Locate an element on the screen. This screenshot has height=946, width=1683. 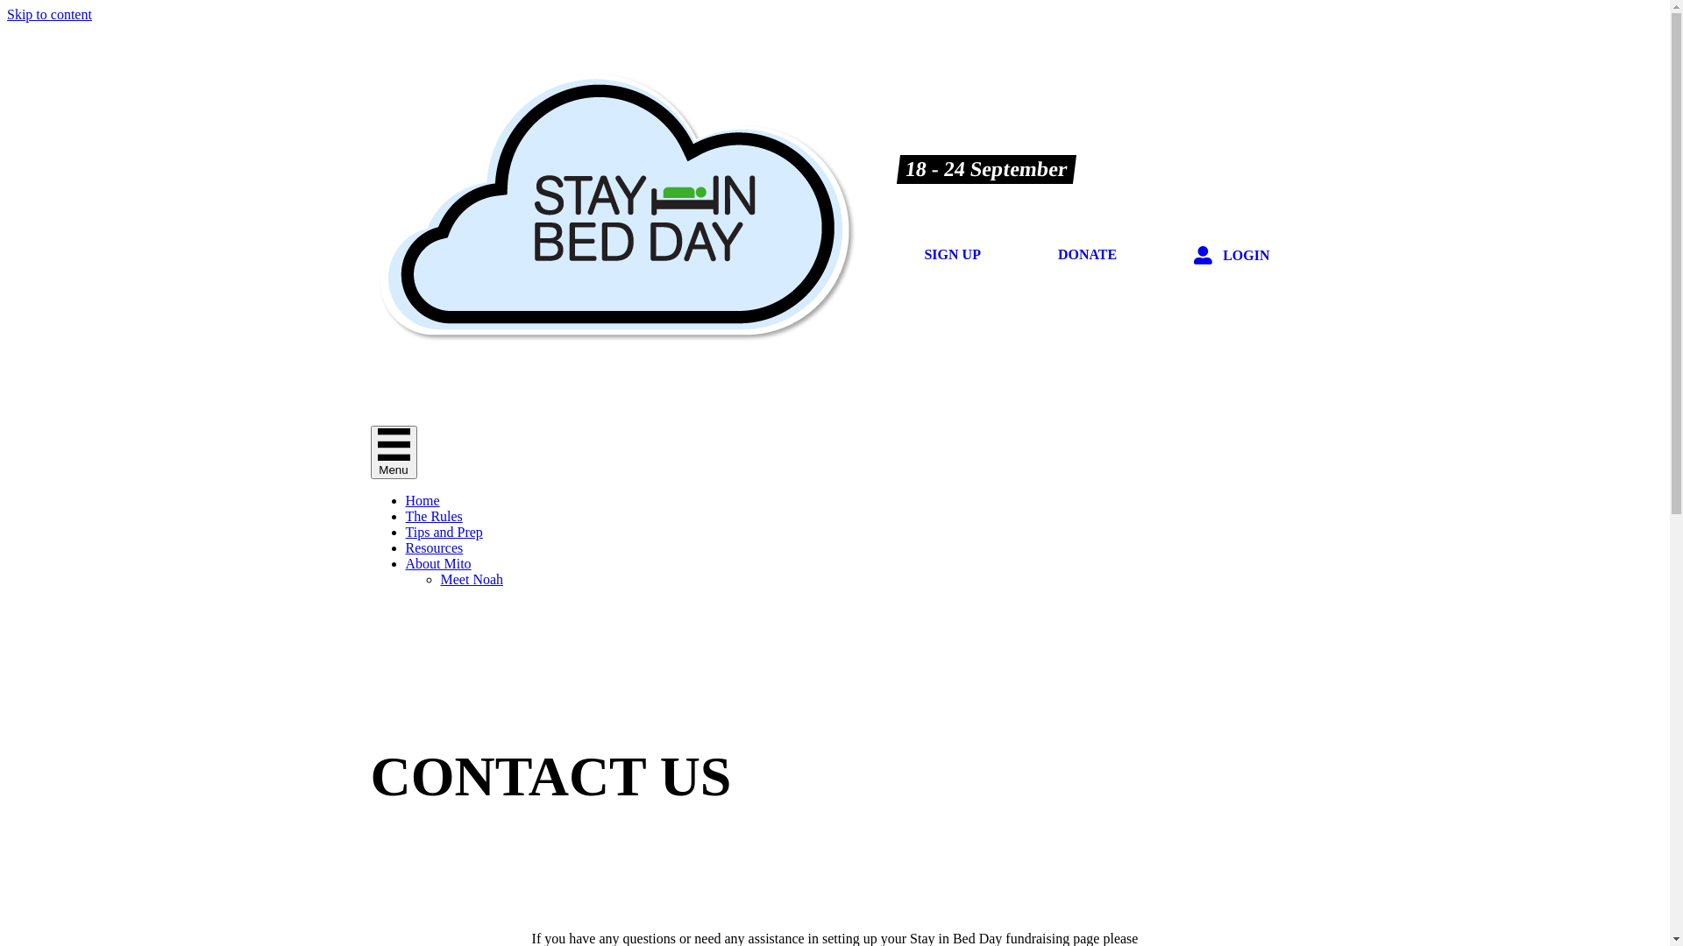
'The Rules' is located at coordinates (433, 515).